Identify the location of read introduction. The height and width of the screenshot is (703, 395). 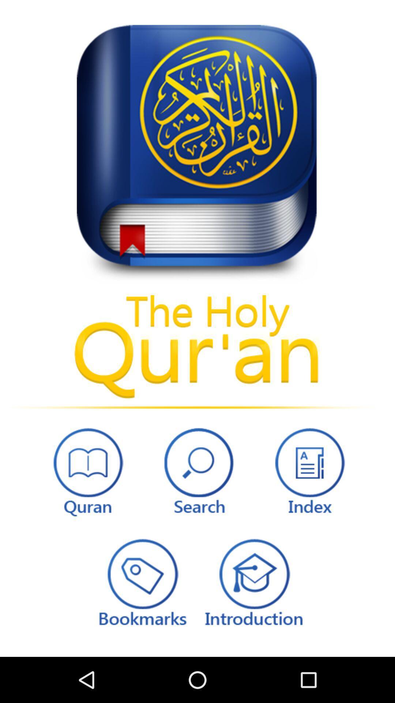
(253, 581).